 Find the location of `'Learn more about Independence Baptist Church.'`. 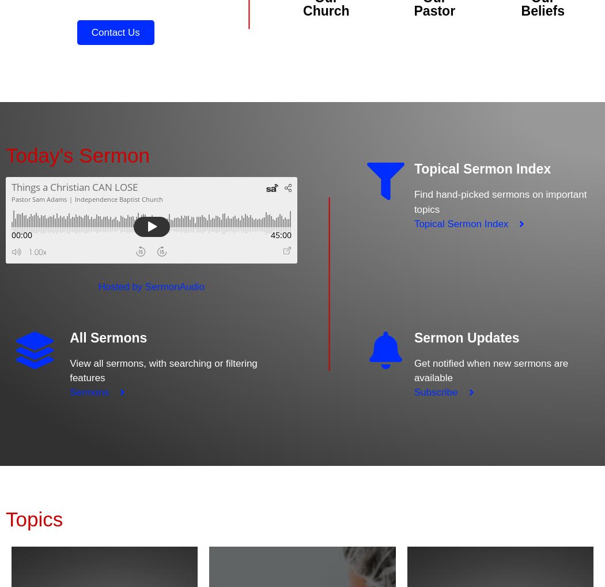

'Learn more about Independence Baptist Church.' is located at coordinates (325, 115).